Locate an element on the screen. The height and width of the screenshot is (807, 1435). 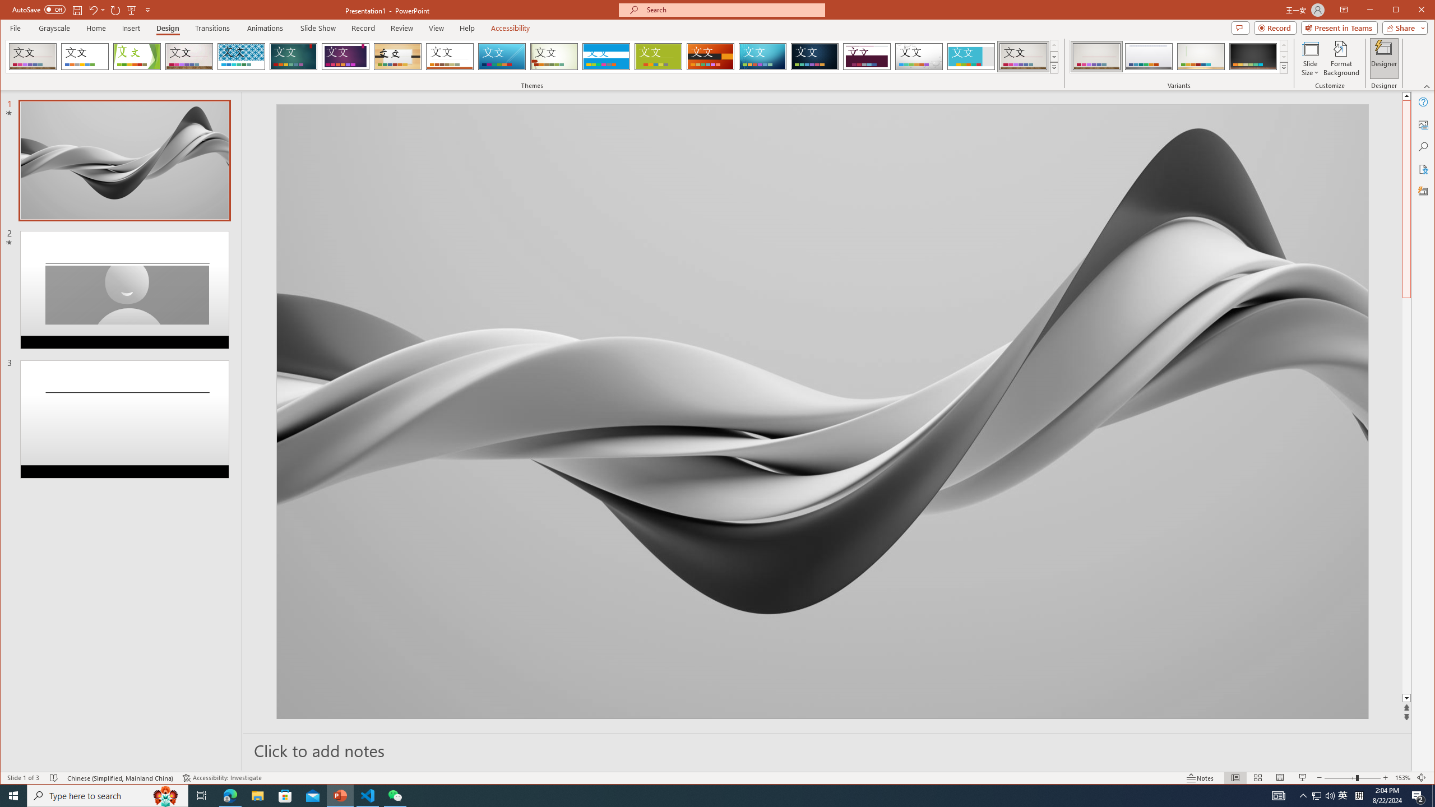
'WeChat - 1 running window' is located at coordinates (395, 795).